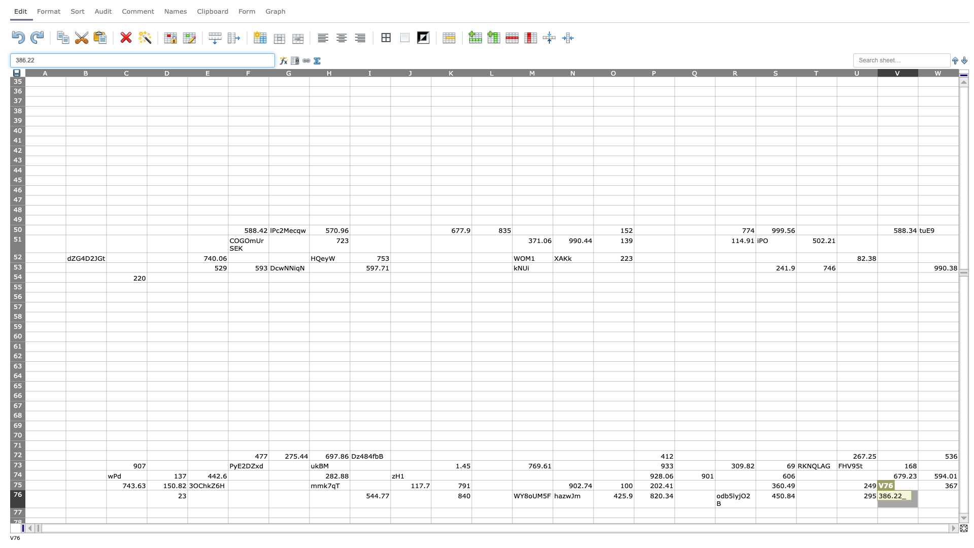  What do you see at coordinates (918, 489) in the screenshot?
I see `top left corner of cell W76` at bounding box center [918, 489].